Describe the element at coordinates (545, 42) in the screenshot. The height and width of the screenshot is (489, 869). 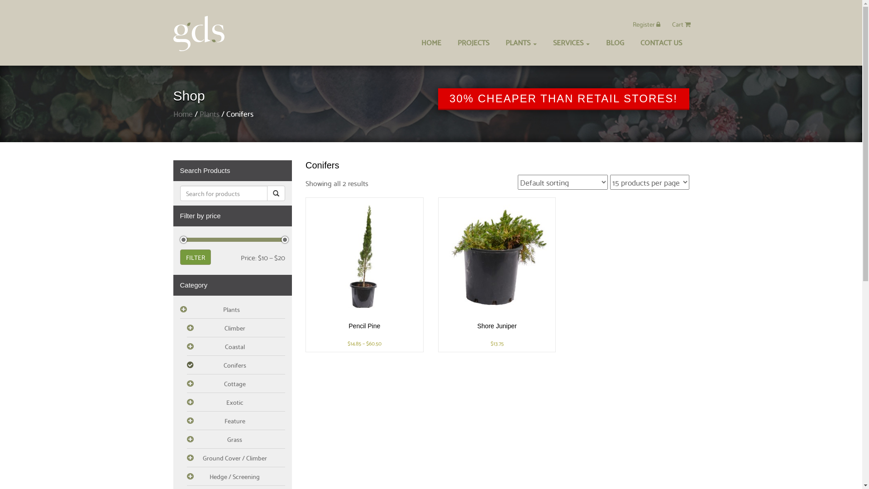
I see `'SERVICES'` at that location.